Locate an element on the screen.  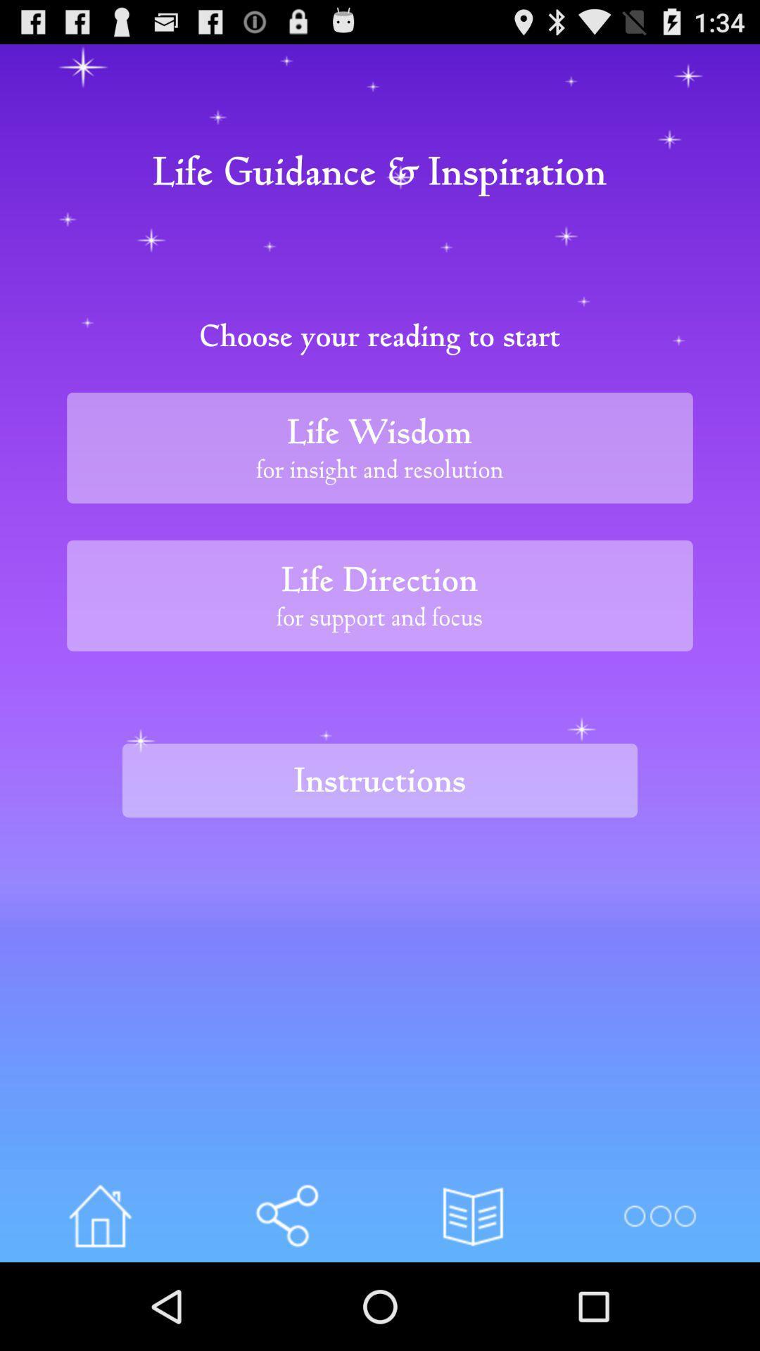
read option is located at coordinates (473, 1215).